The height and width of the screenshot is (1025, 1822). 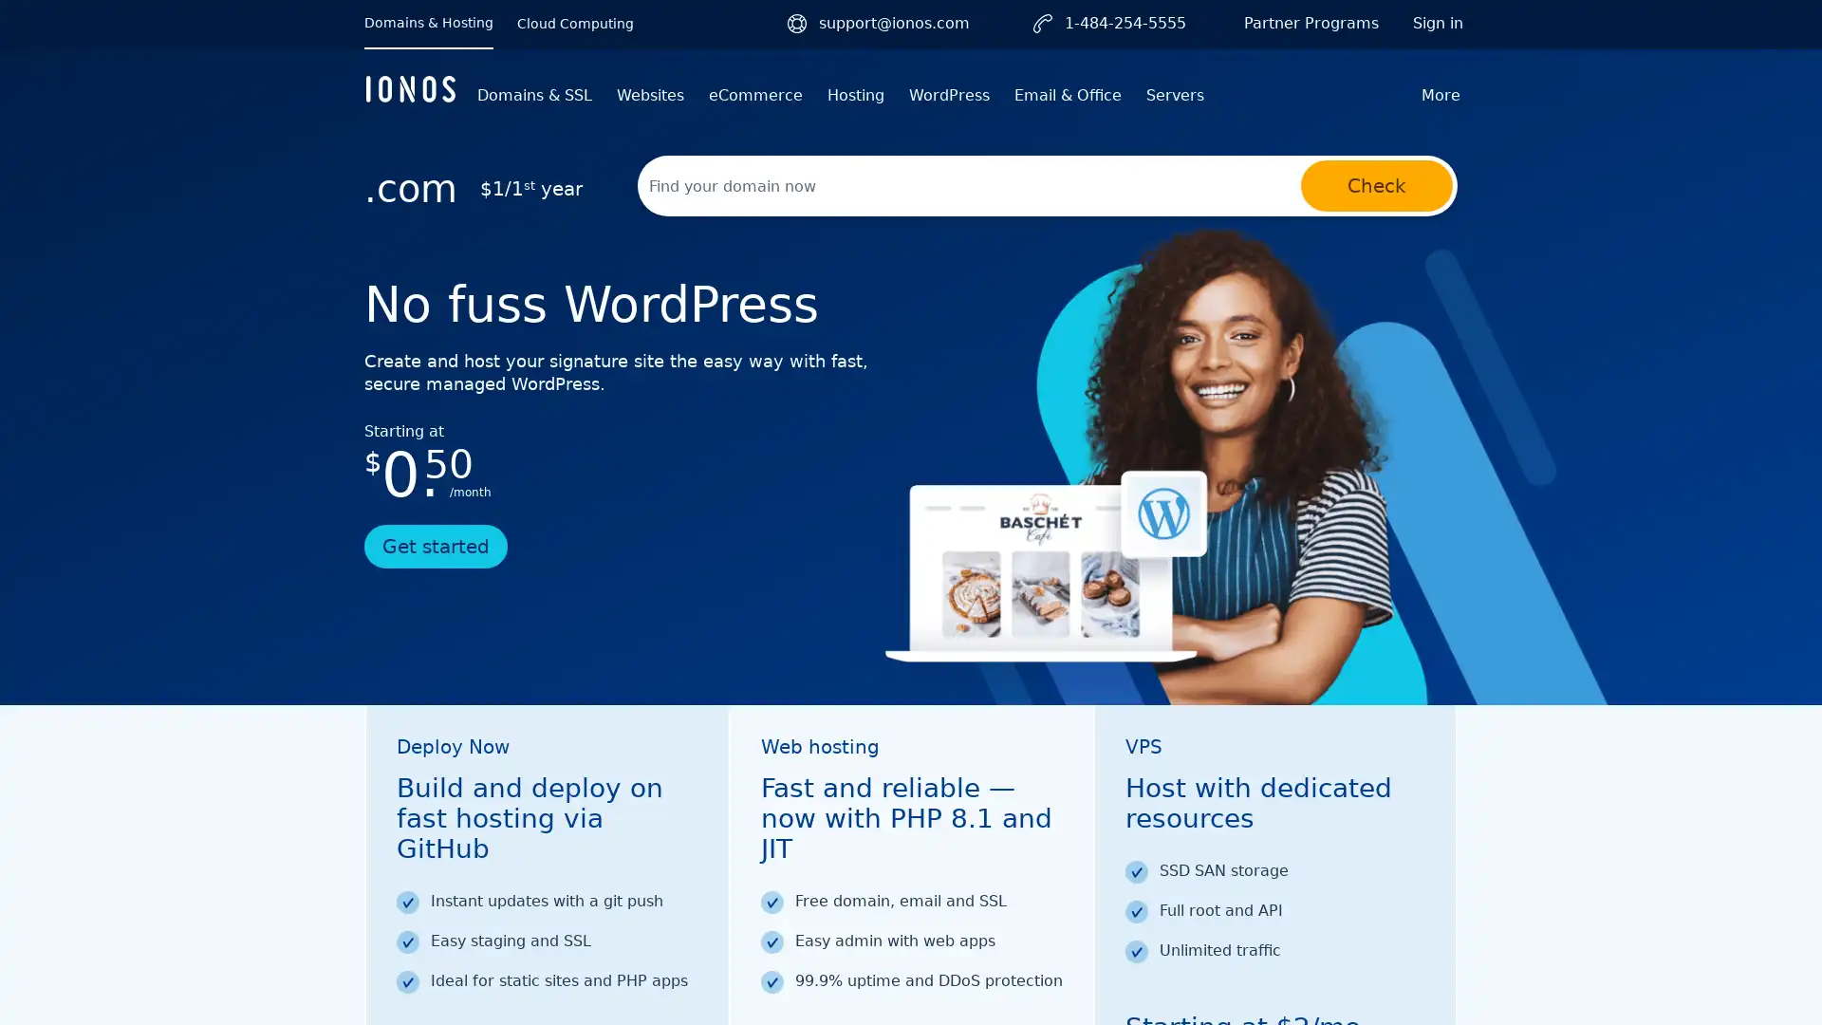 I want to click on Email & Office, so click(x=1068, y=95).